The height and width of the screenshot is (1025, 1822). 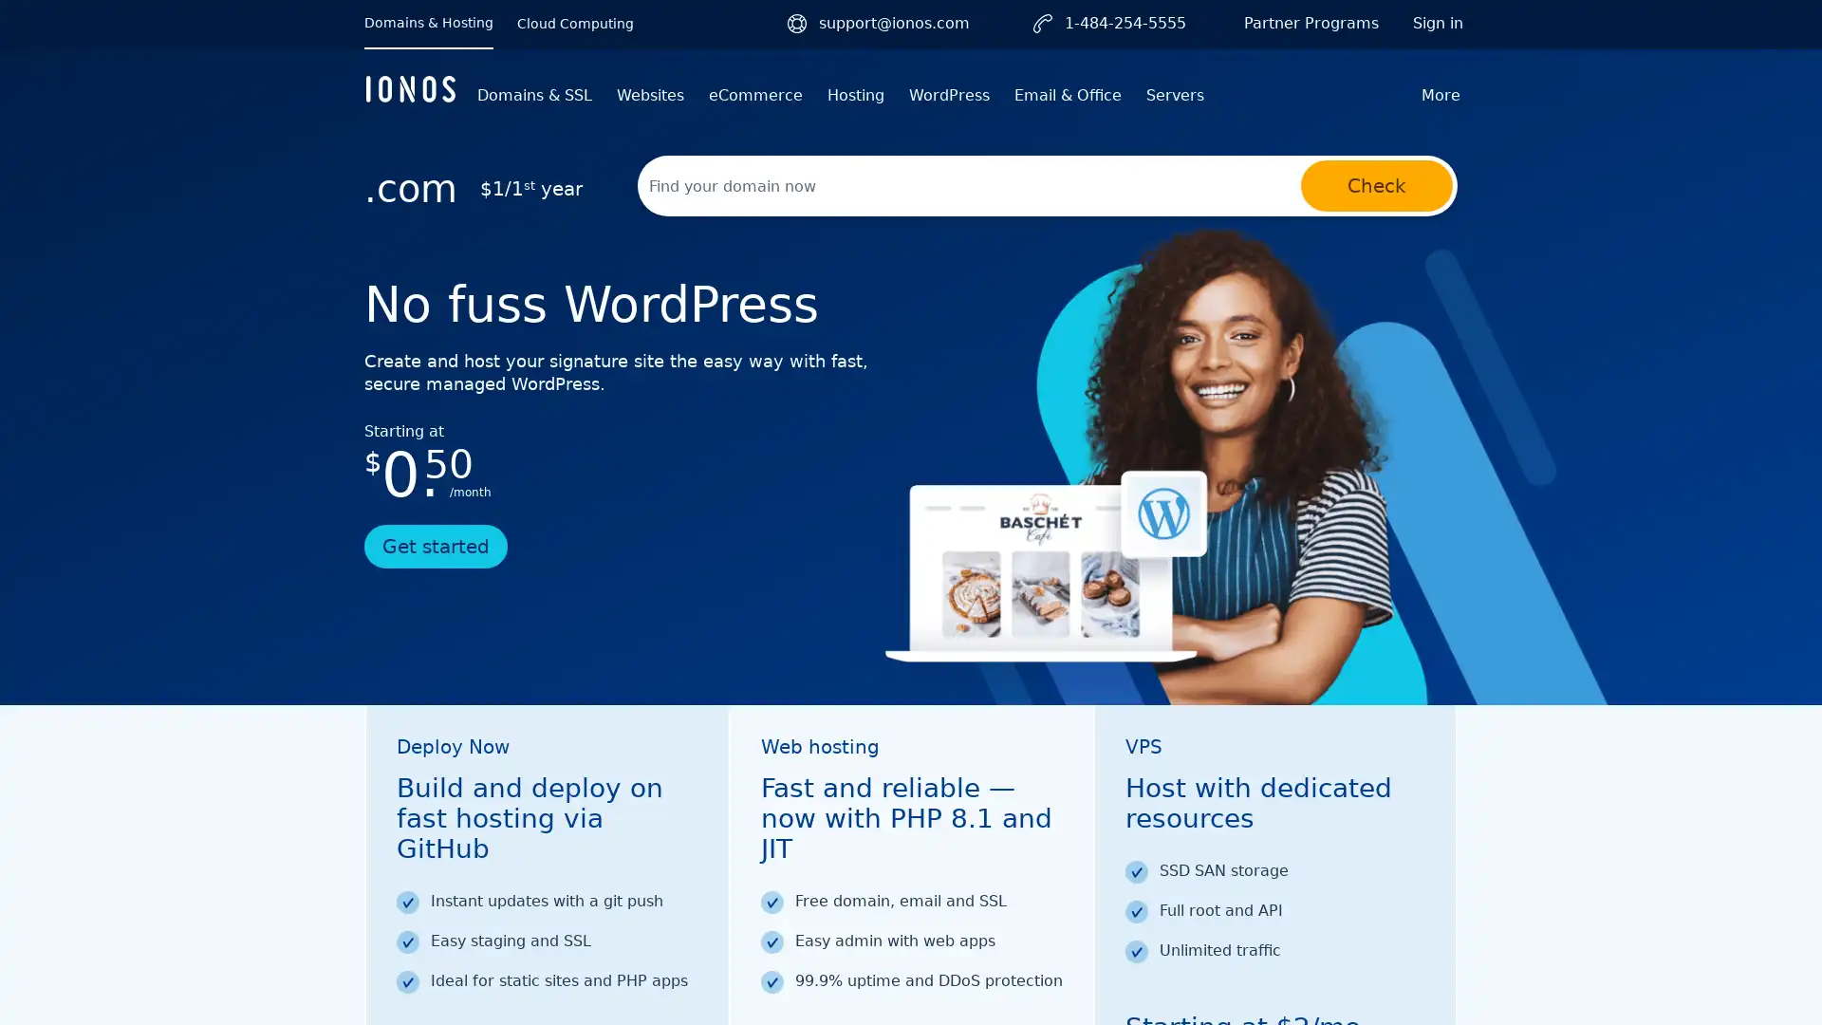 I want to click on Email & Office, so click(x=1068, y=95).